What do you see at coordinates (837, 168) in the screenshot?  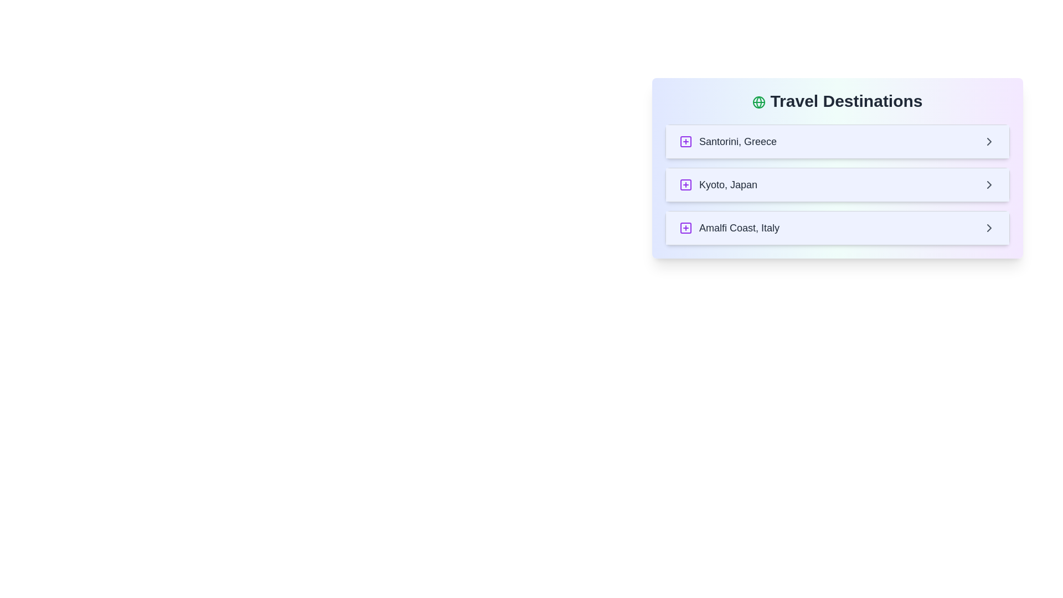 I see `the individual item in the 'Travel Destinations' section` at bounding box center [837, 168].